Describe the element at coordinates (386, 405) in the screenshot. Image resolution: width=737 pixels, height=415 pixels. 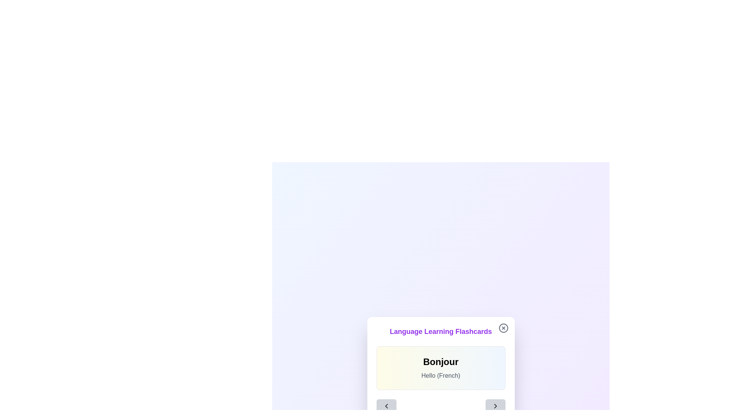
I see `the button with a leftward-pointing arrow icon located at the bottom-left corner of the 'Language Learning Flashcards' section` at that location.